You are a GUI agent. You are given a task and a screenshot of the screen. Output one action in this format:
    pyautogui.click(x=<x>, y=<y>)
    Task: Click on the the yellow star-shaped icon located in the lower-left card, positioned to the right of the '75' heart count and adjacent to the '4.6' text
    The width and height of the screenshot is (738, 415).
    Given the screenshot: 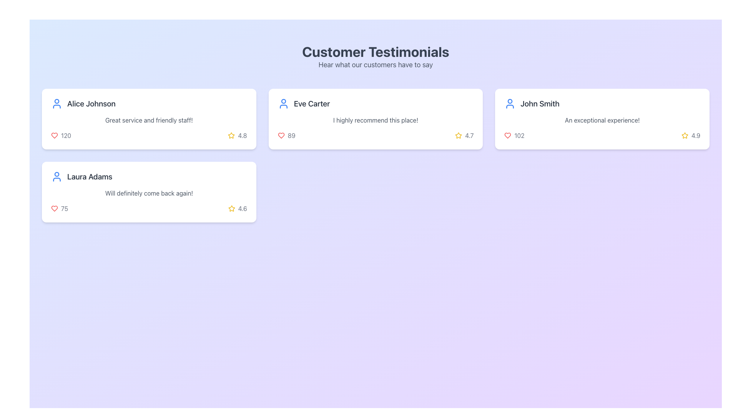 What is the action you would take?
    pyautogui.click(x=231, y=209)
    